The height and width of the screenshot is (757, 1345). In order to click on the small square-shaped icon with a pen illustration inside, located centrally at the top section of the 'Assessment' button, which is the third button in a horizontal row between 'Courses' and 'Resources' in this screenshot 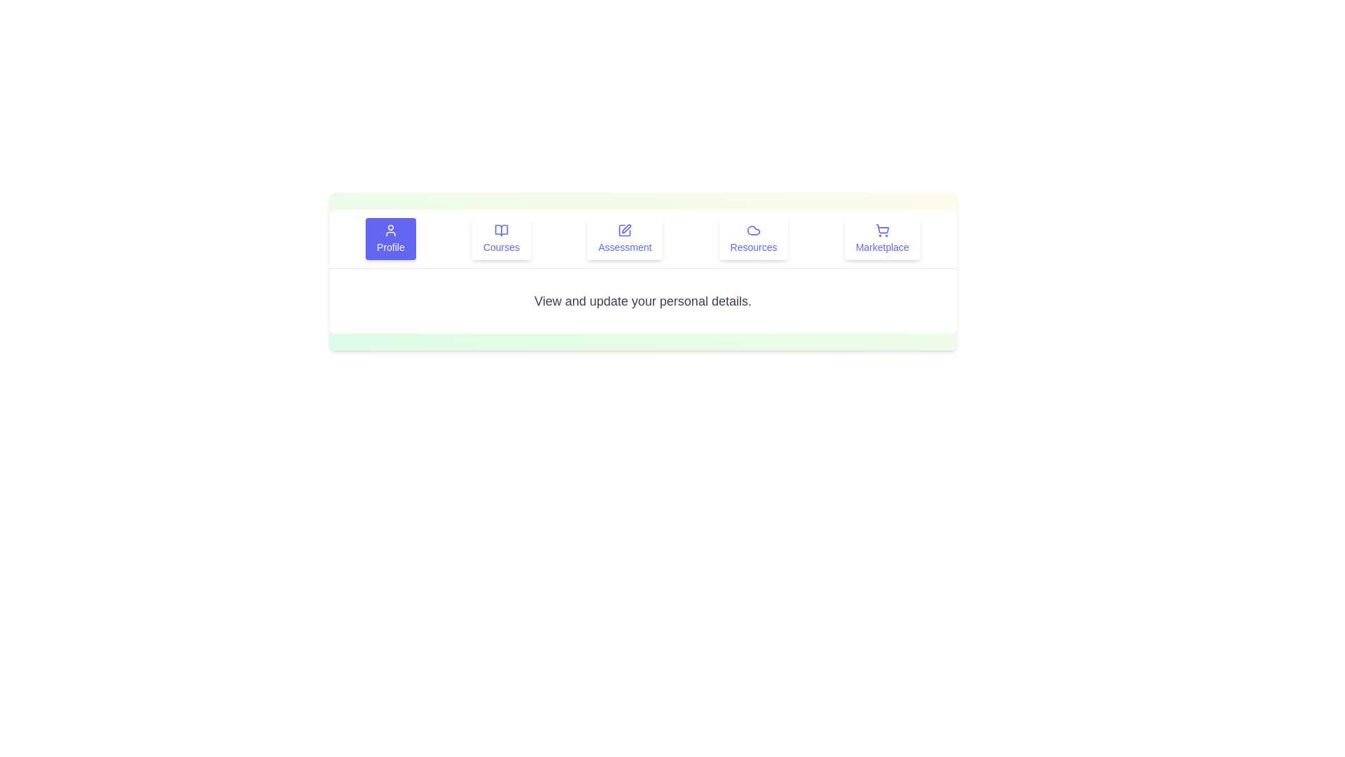, I will do `click(624, 229)`.